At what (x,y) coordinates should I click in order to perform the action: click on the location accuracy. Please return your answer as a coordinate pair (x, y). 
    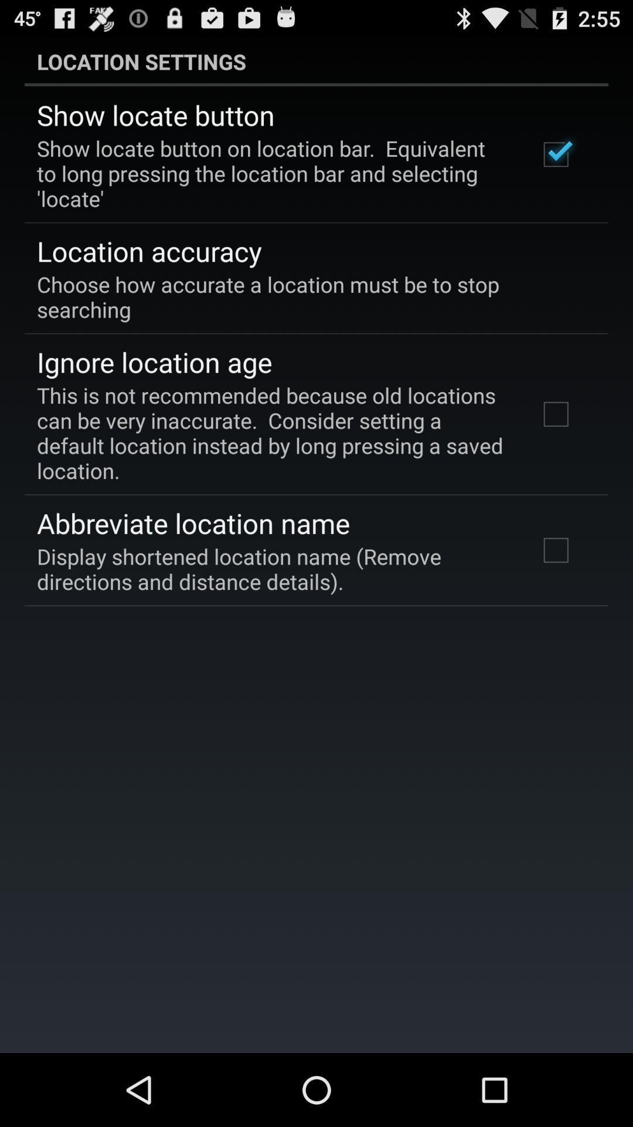
    Looking at the image, I should click on (148, 250).